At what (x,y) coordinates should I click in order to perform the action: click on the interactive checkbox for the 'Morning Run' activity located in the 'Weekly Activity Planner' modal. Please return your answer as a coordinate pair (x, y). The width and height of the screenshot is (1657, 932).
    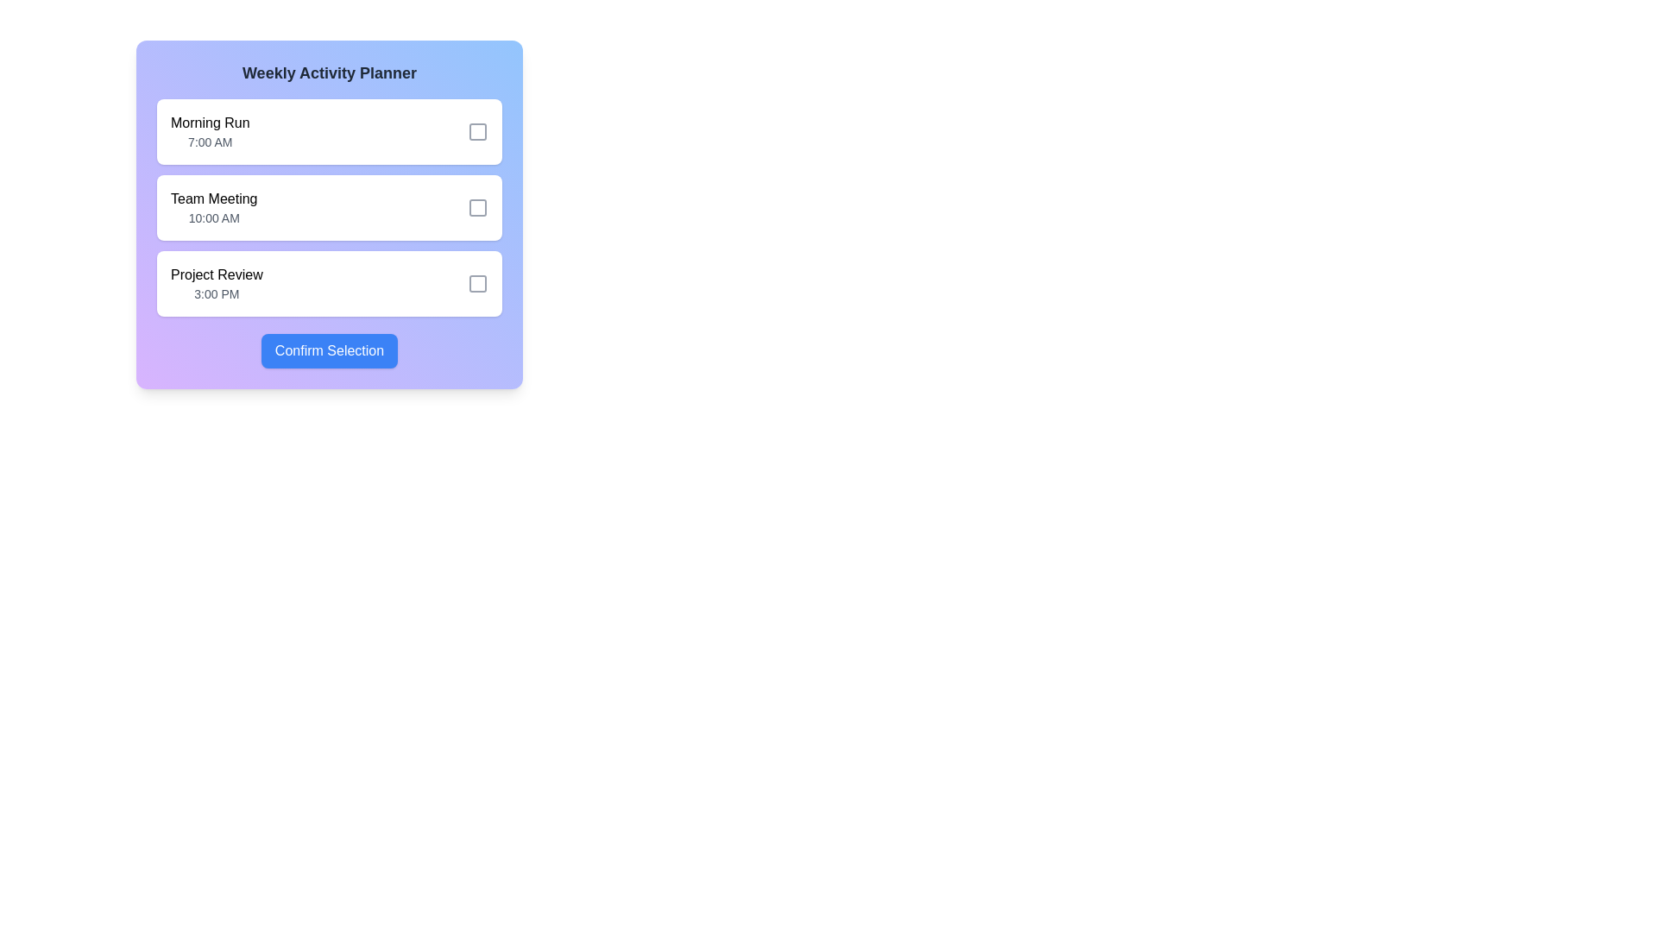
    Looking at the image, I should click on (477, 131).